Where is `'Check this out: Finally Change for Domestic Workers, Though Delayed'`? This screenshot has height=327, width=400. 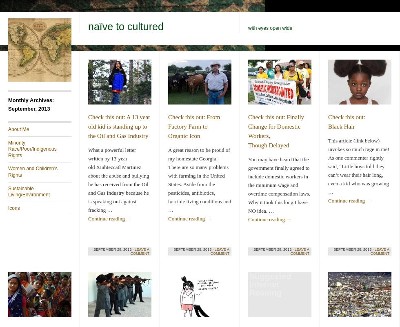
'Check this out: Finally Change for Domestic Workers, Though Delayed' is located at coordinates (248, 131).